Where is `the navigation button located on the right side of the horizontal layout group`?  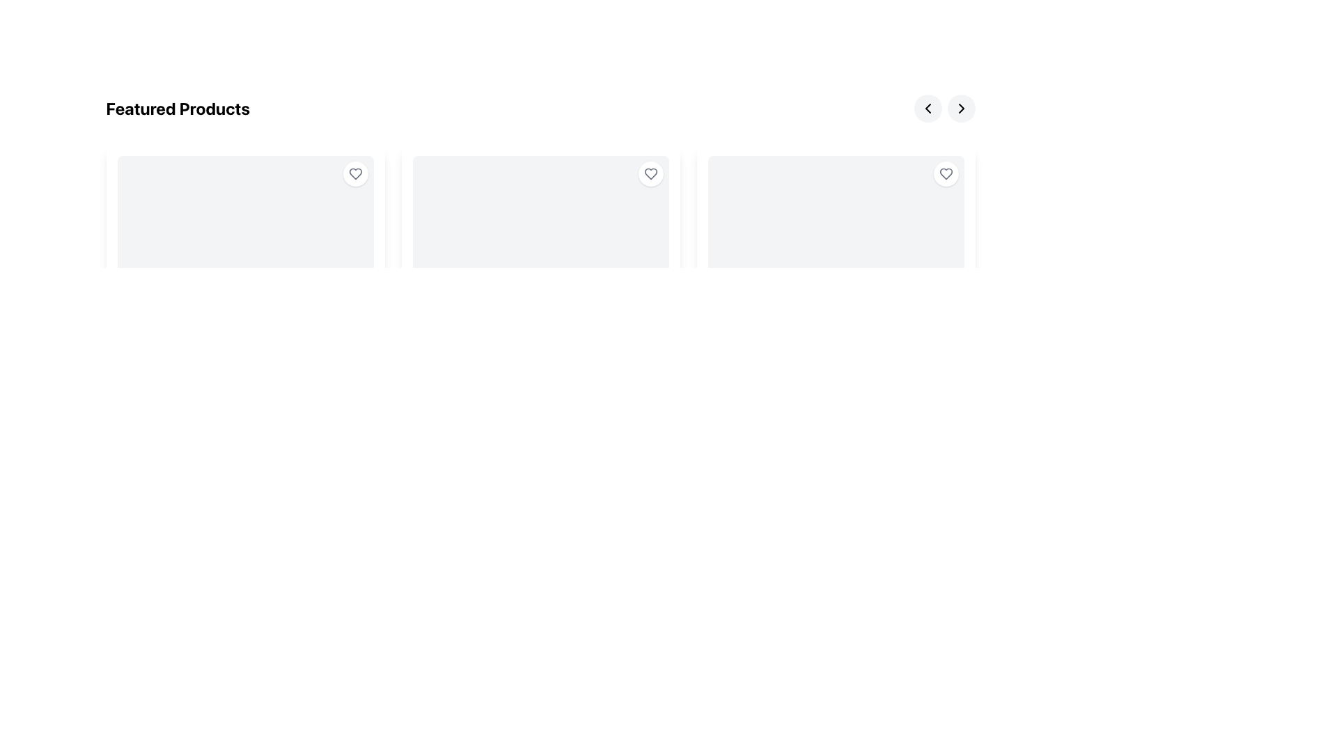 the navigation button located on the right side of the horizontal layout group is located at coordinates (928, 107).